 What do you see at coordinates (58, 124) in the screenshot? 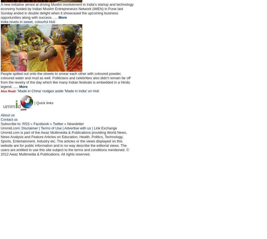
I see `'Twitter'` at bounding box center [58, 124].